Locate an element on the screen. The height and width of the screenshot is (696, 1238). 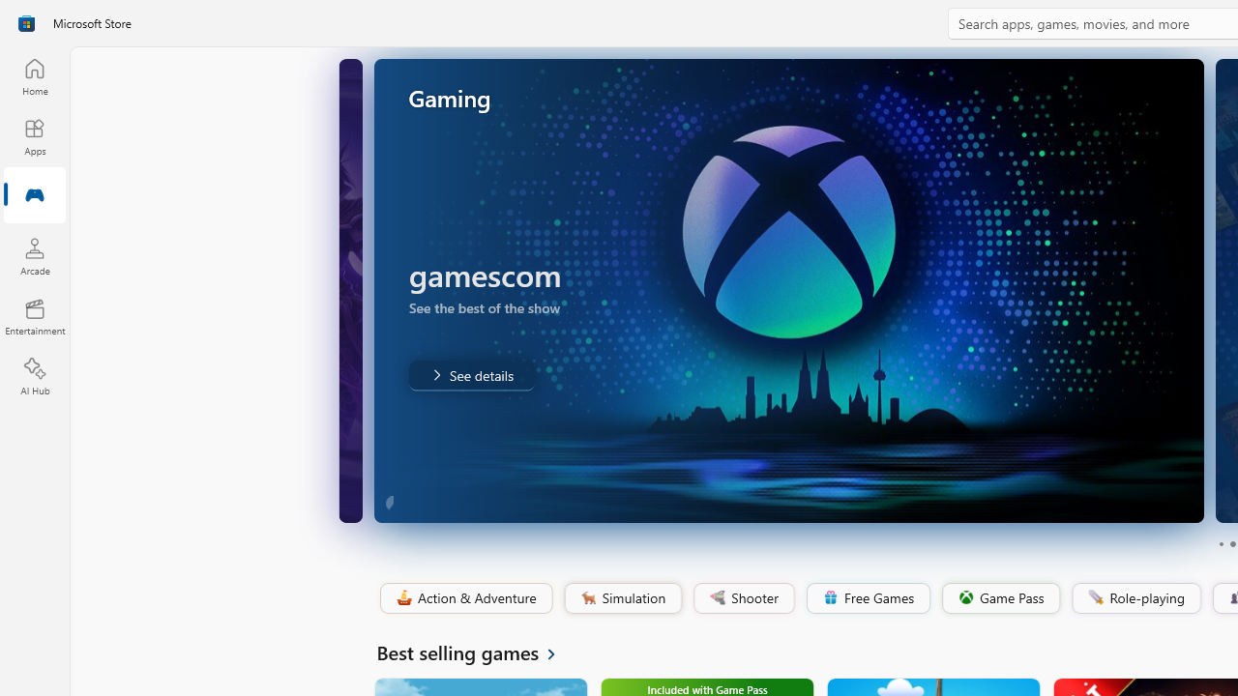
'AutomationID: Image' is located at coordinates (788, 290).